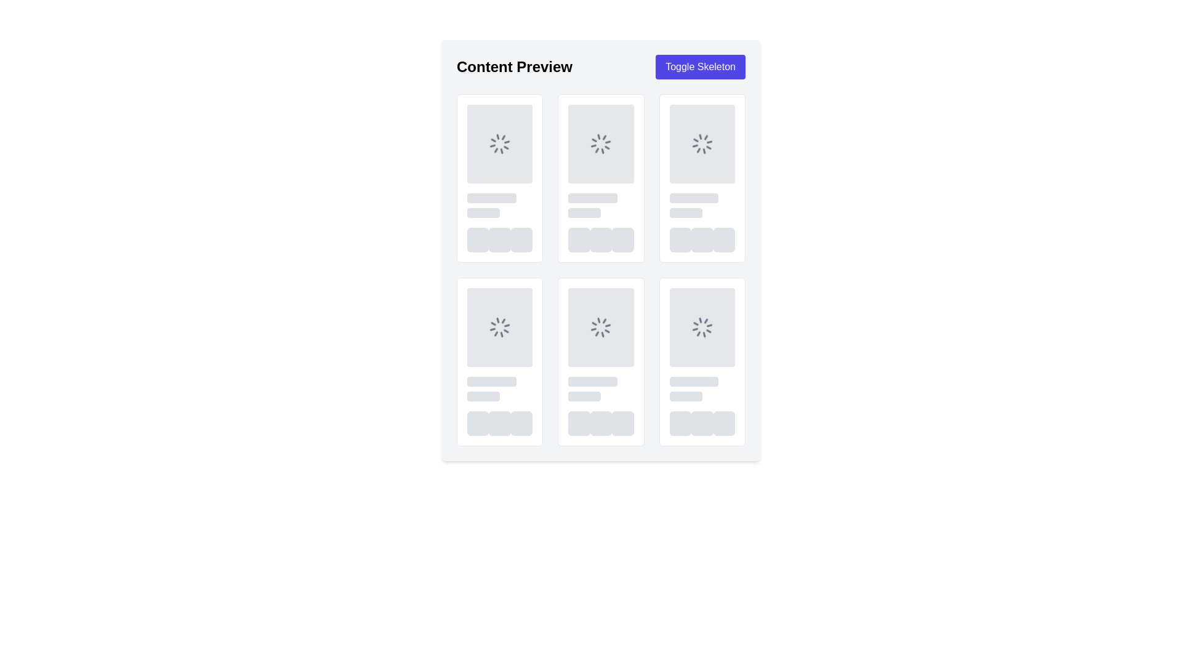  What do you see at coordinates (694, 197) in the screenshot?
I see `the first skeleton loader placeholder in the top-right section of the grid, indicating that content is loading` at bounding box center [694, 197].